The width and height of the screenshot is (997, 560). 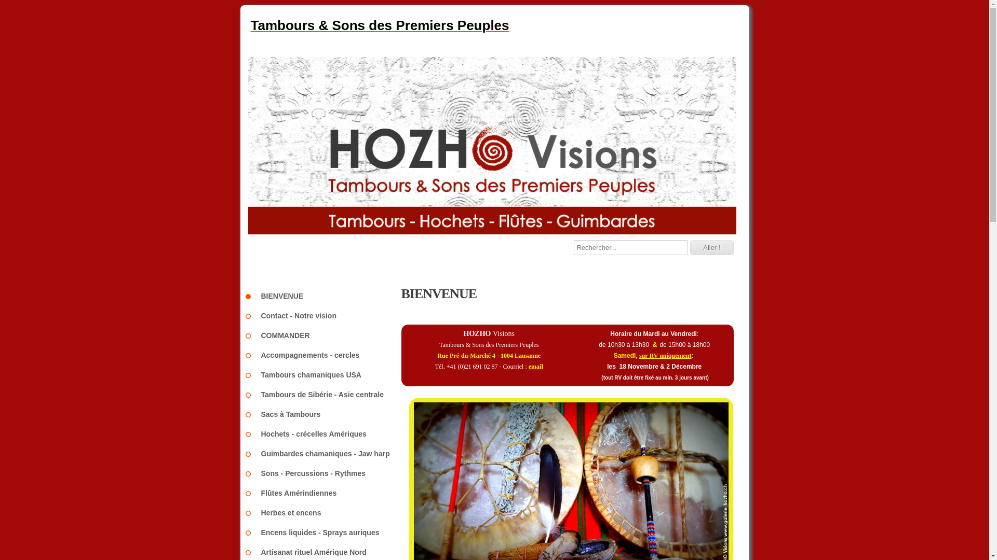 What do you see at coordinates (322, 355) in the screenshot?
I see `'Accompagnements - cercles'` at bounding box center [322, 355].